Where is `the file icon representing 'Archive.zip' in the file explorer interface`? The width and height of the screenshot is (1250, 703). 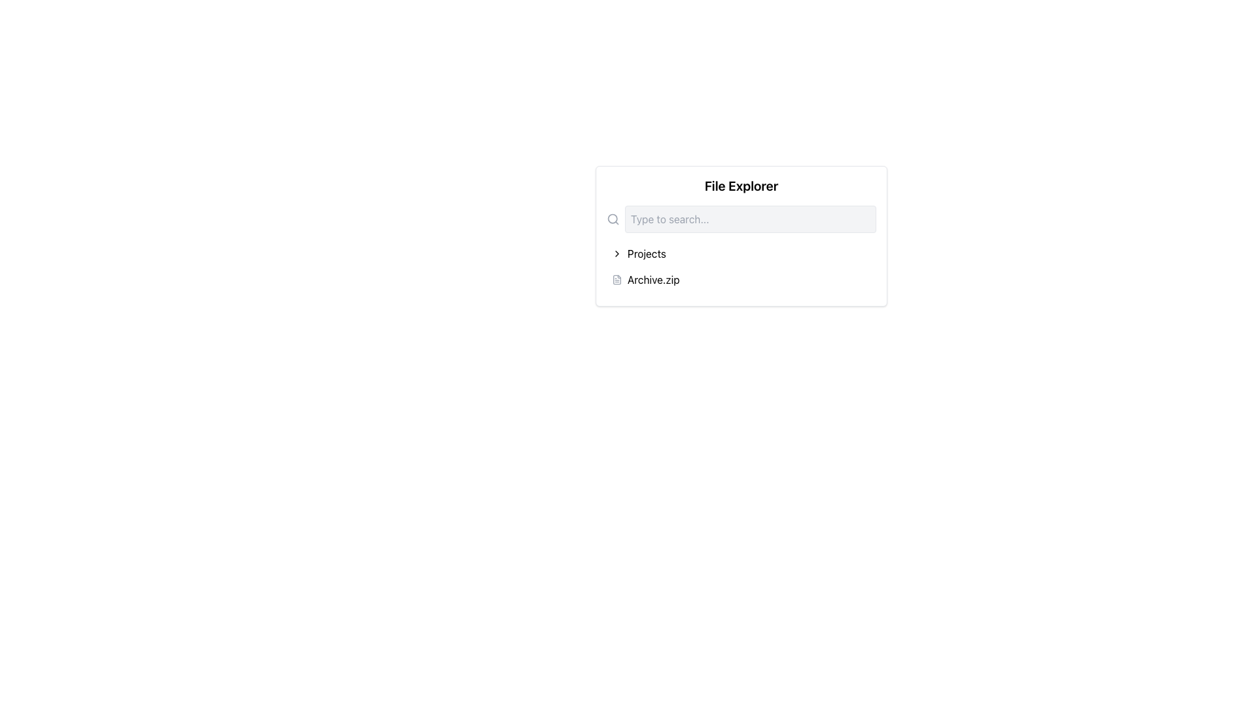 the file icon representing 'Archive.zip' in the file explorer interface is located at coordinates (617, 279).